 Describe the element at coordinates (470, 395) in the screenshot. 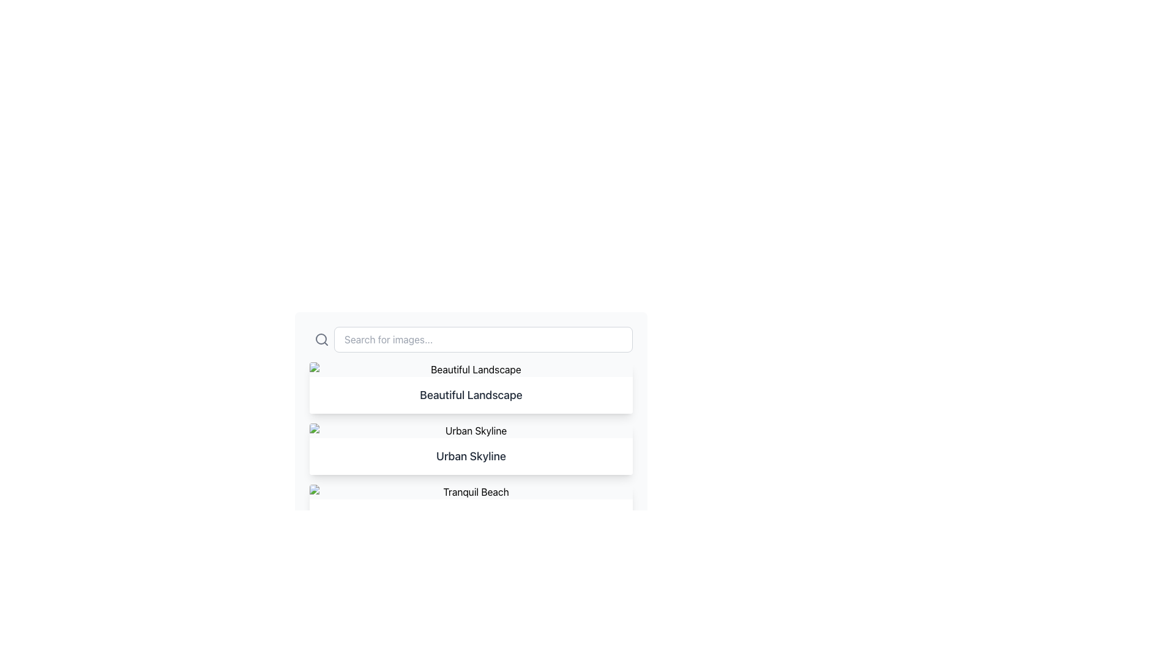

I see `the text 'Beautiful Landscape' displayed in bold gray font` at that location.